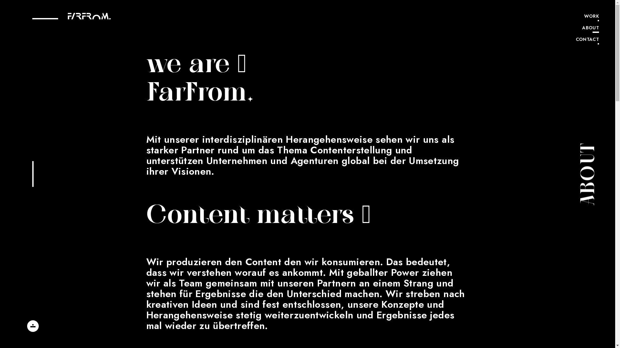 Image resolution: width=620 pixels, height=348 pixels. I want to click on 'ABOUT', so click(587, 28).